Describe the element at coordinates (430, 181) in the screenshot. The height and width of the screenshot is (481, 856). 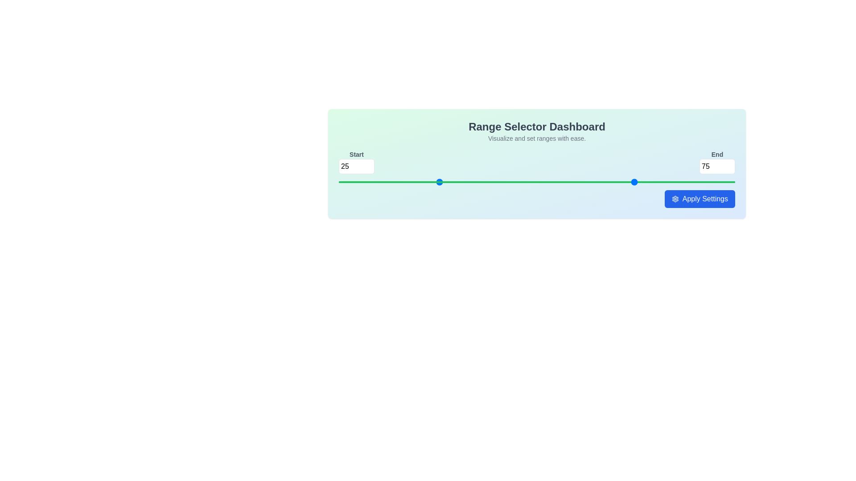
I see `the slider` at that location.